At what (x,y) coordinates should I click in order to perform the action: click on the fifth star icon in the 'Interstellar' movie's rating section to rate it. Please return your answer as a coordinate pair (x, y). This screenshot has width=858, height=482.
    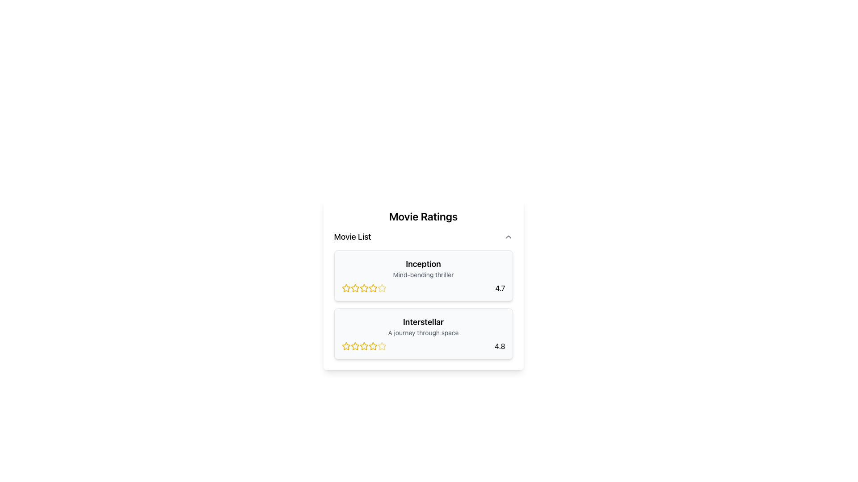
    Looking at the image, I should click on (382, 345).